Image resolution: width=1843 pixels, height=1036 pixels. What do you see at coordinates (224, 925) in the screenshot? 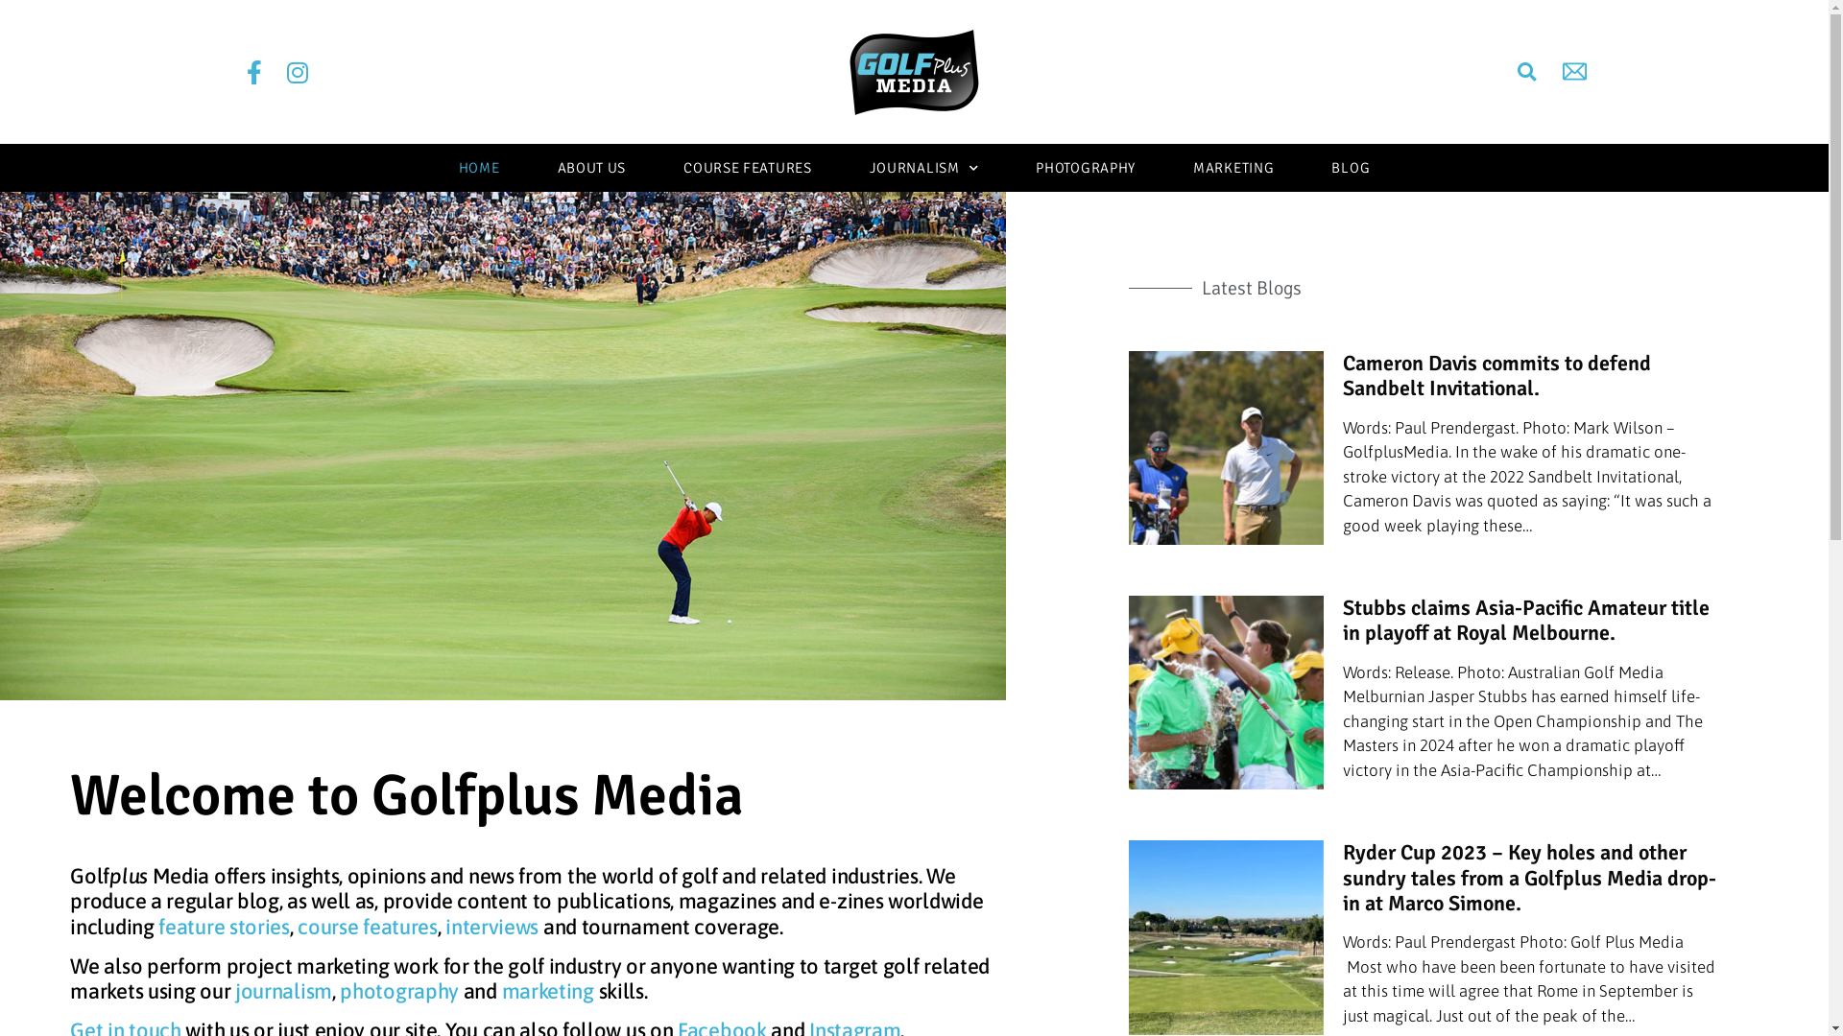
I see `'feature stories'` at bounding box center [224, 925].